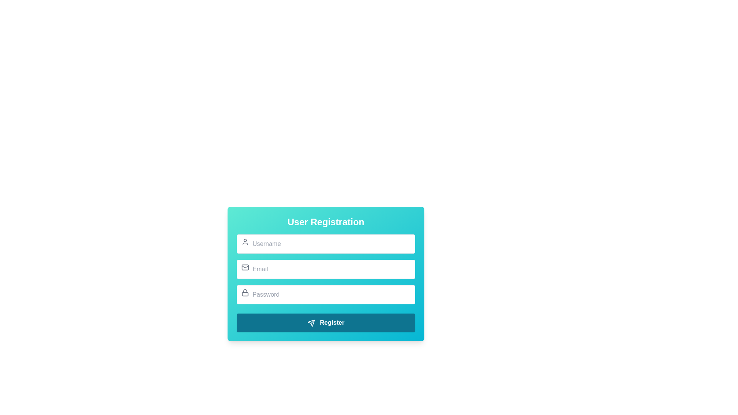  I want to click on the triangular send icon located within the 'Register' button at the bottom of the 'User Registration' interface, so click(311, 323).